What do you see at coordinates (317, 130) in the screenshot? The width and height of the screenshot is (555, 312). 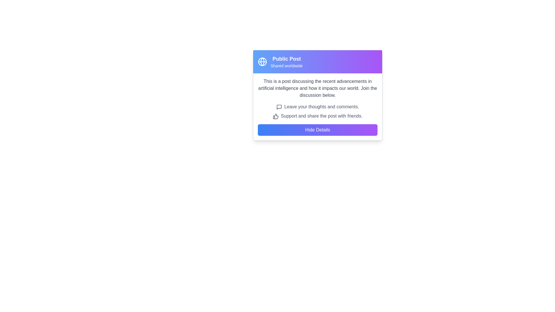 I see `the button designed to collapse or hide the details of the post, located below the content text 'Support and share the post with friends.'` at bounding box center [317, 130].